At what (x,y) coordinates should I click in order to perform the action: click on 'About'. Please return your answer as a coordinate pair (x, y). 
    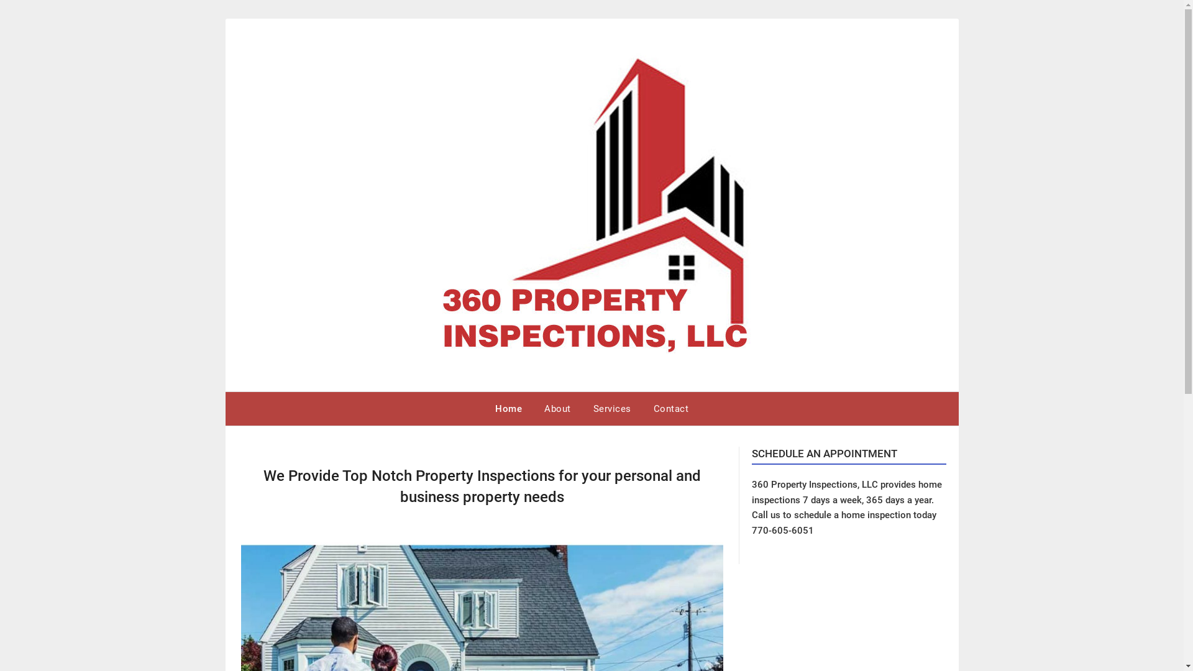
    Looking at the image, I should click on (557, 409).